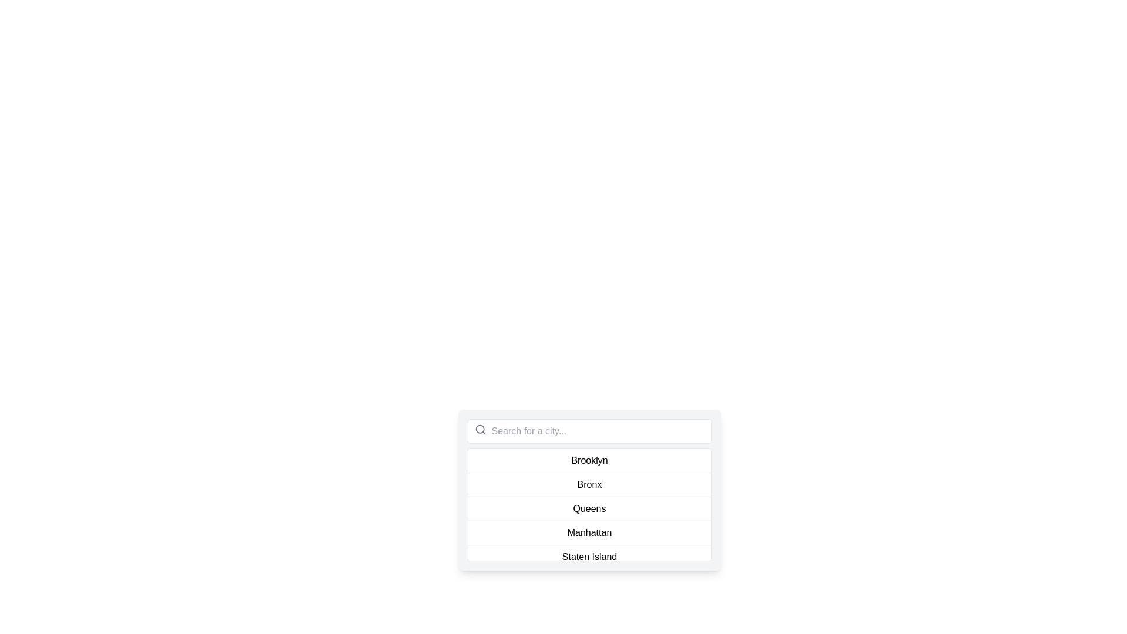 This screenshot has width=1127, height=634. Describe the element at coordinates (480, 430) in the screenshot. I see `the decorative search icon located to the left of the search input field labeled 'Search for a city...'` at that location.